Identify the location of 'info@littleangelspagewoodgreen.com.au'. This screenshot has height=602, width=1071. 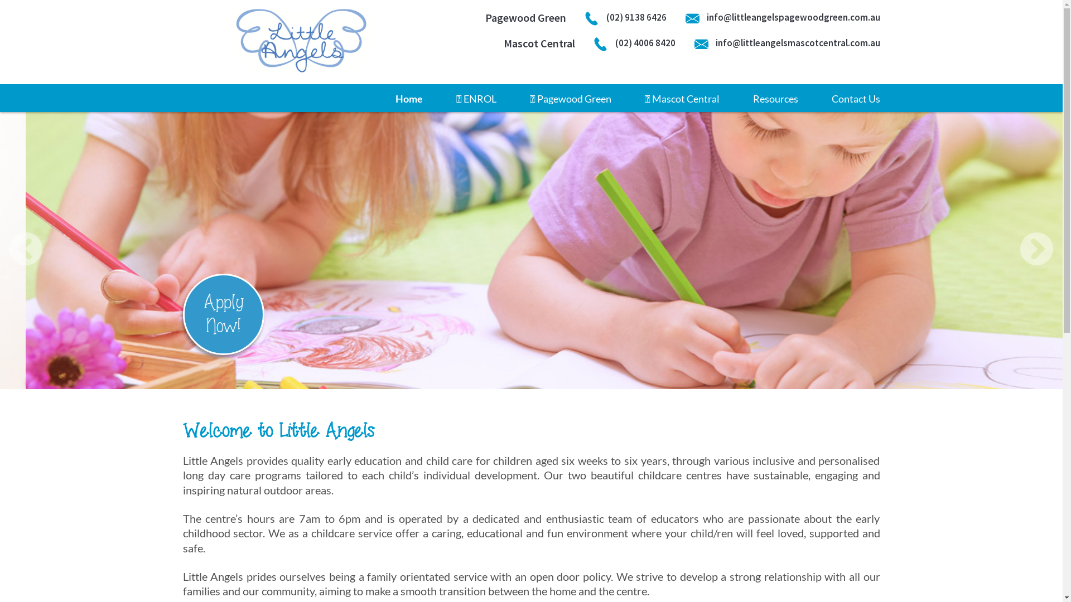
(781, 17).